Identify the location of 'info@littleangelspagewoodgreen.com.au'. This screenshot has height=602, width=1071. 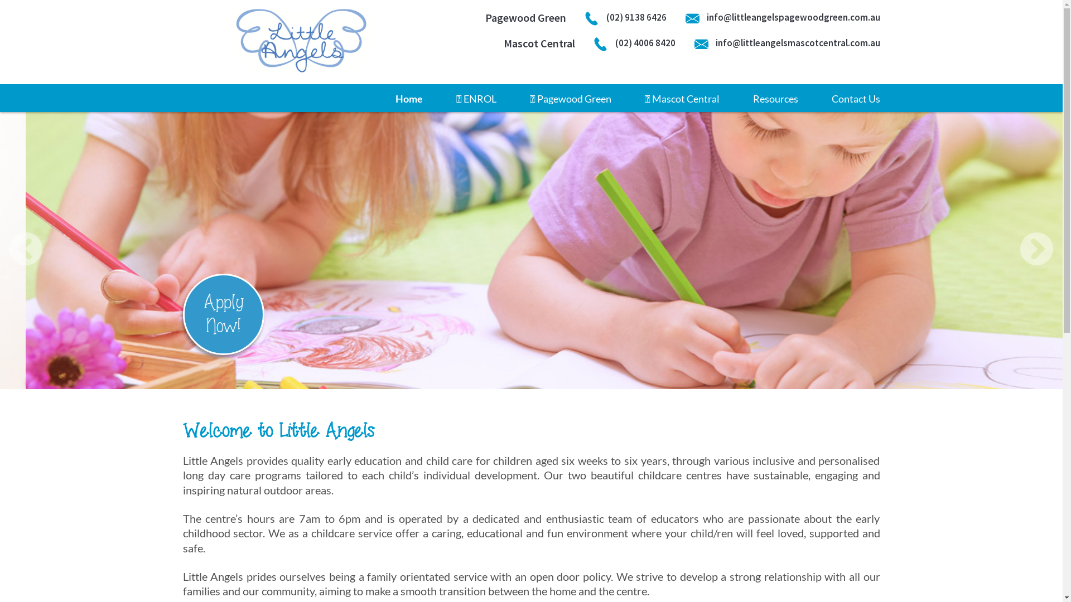
(781, 17).